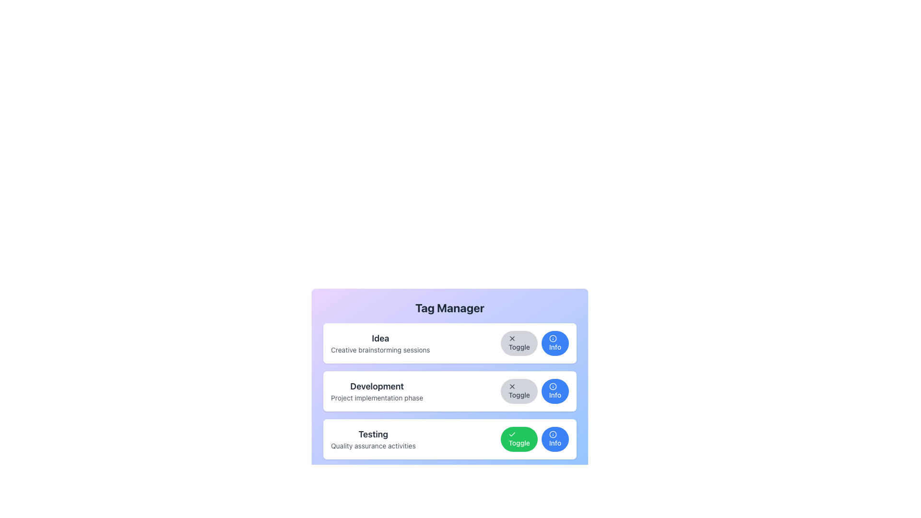  What do you see at coordinates (555, 439) in the screenshot?
I see `the 'Info' button located at the far right of the 'Testing' row` at bounding box center [555, 439].